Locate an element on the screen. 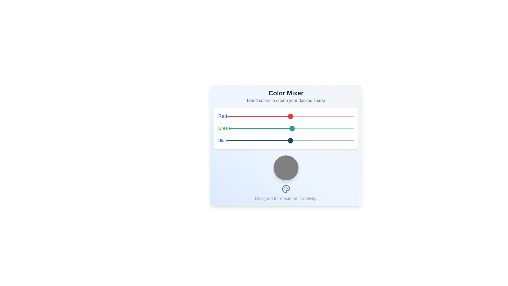 The height and width of the screenshot is (286, 508). the slider rail of the red slider labeled 'Red' to move the thumb to a specific position is located at coordinates (290, 116).